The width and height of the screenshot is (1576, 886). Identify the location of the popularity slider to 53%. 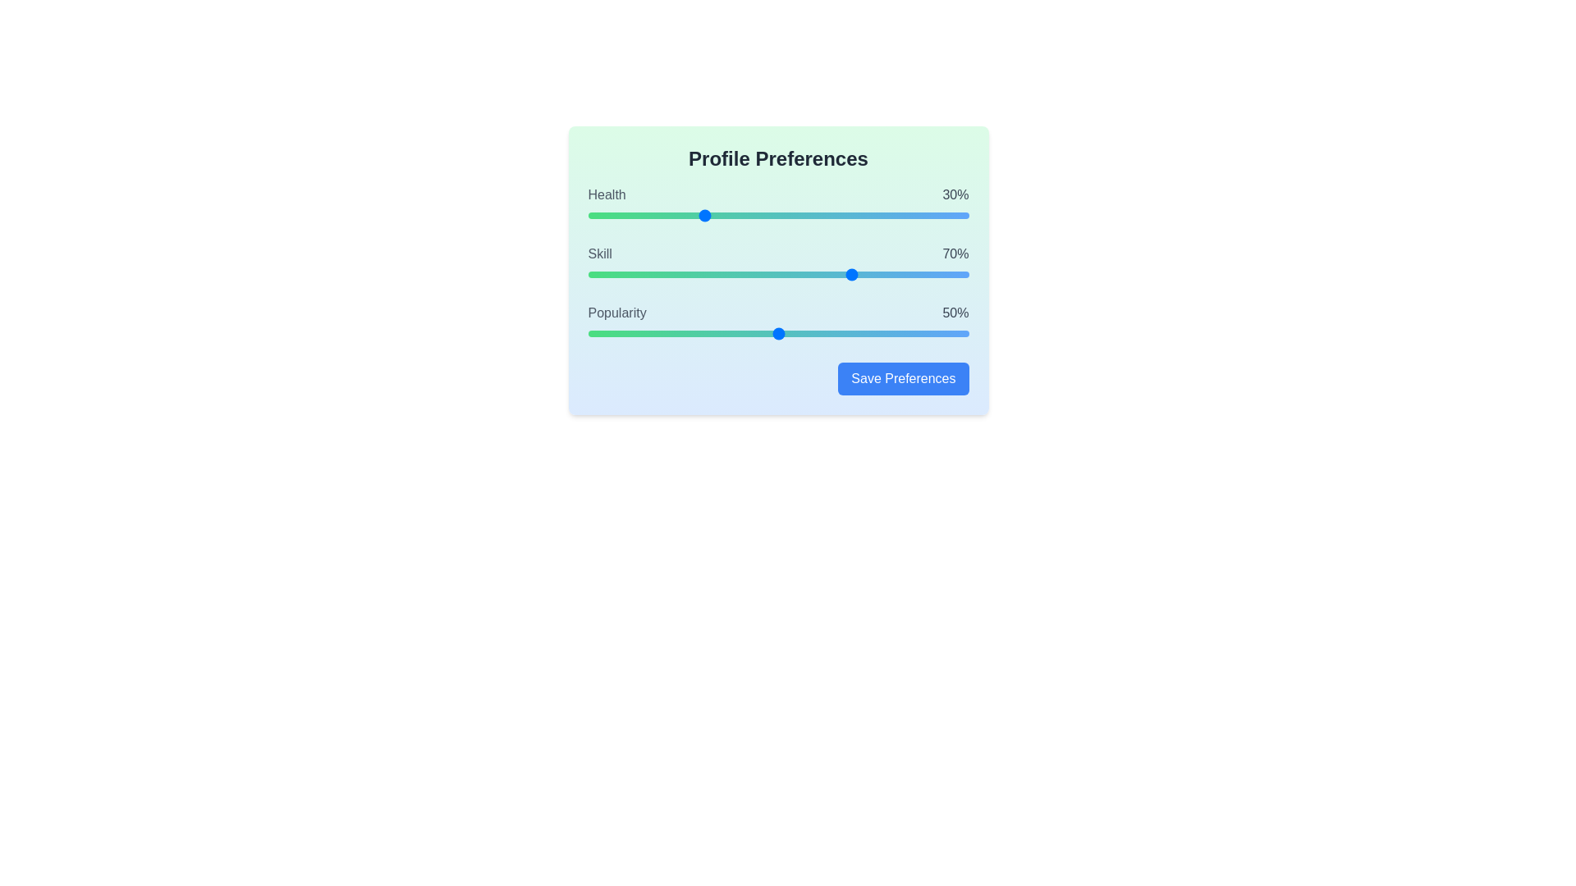
(790, 333).